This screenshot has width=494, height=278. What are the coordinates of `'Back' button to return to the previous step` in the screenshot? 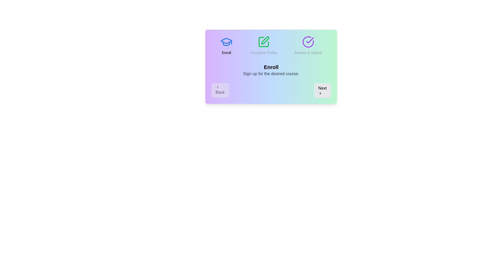 It's located at (220, 90).